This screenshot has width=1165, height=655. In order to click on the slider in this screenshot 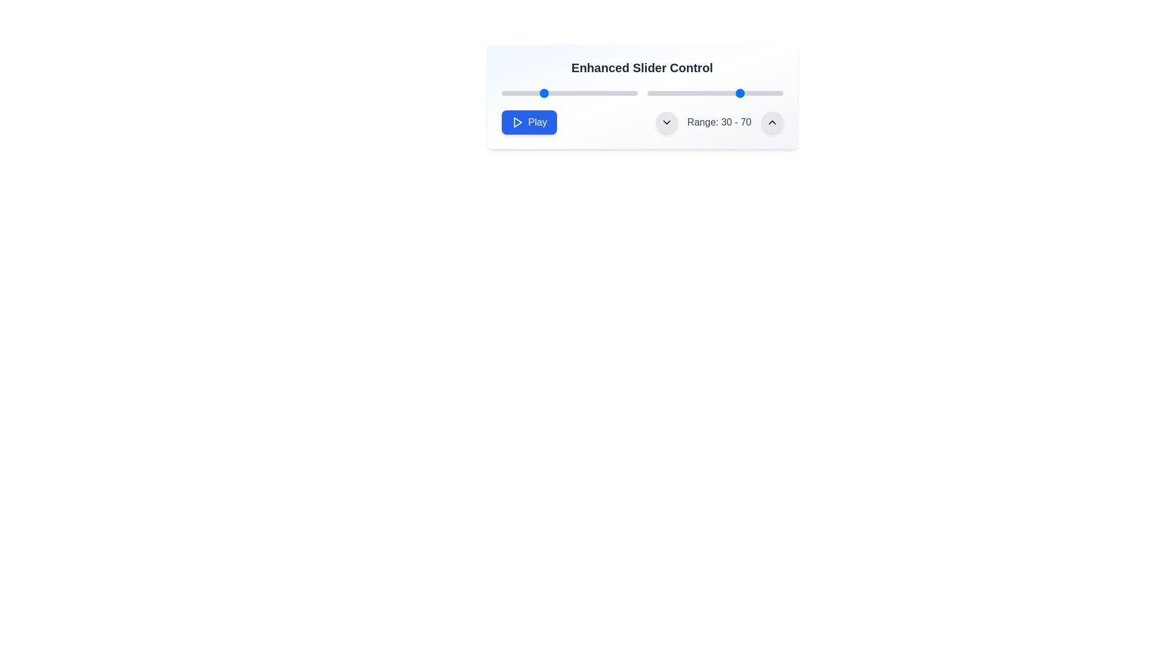, I will do `click(555, 93)`.